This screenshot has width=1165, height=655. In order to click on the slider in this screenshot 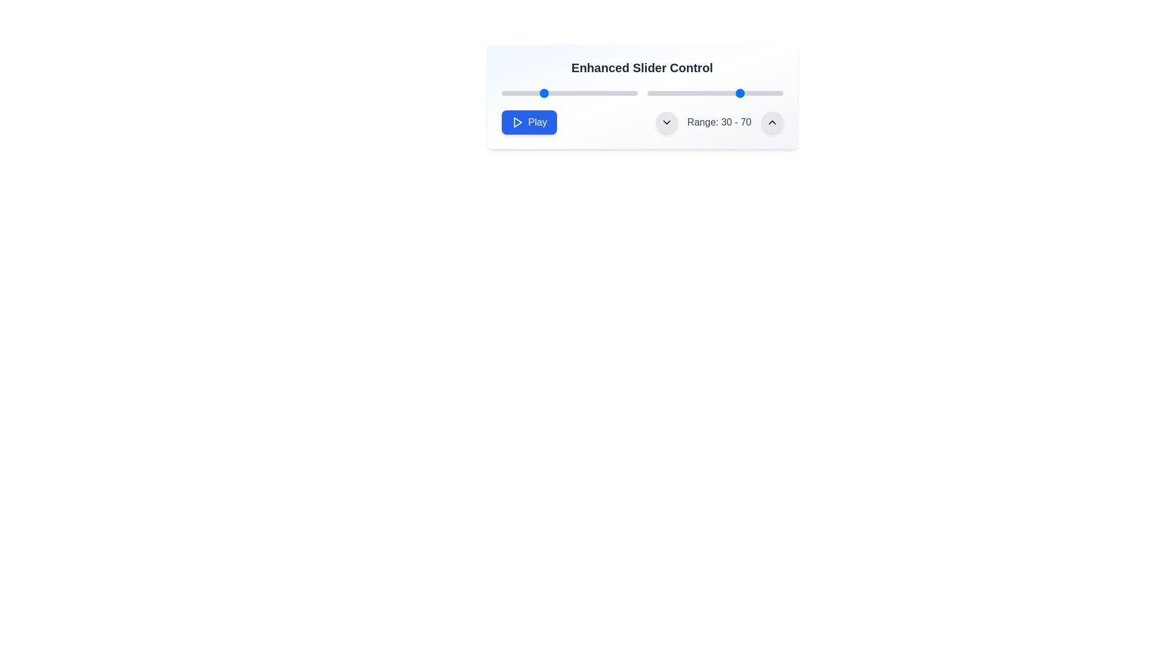, I will do `click(555, 93)`.